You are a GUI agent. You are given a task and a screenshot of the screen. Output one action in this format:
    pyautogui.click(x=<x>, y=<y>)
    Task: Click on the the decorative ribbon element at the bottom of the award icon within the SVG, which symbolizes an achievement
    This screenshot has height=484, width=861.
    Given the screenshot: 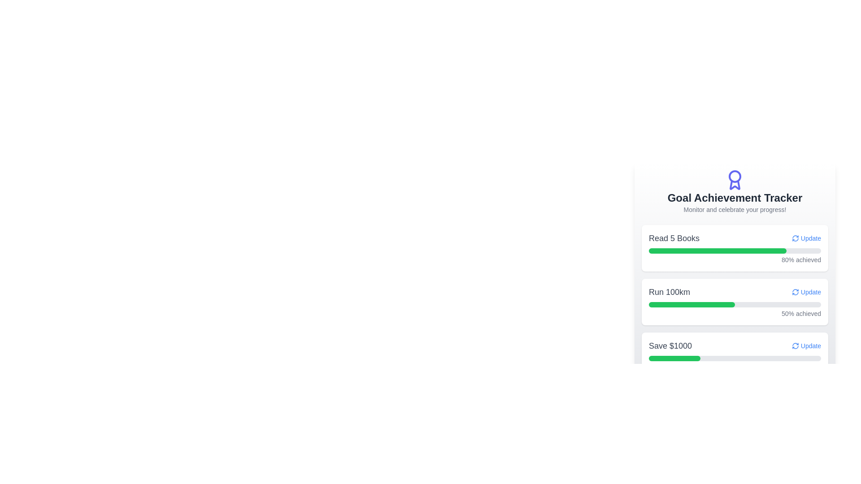 What is the action you would take?
    pyautogui.click(x=735, y=184)
    